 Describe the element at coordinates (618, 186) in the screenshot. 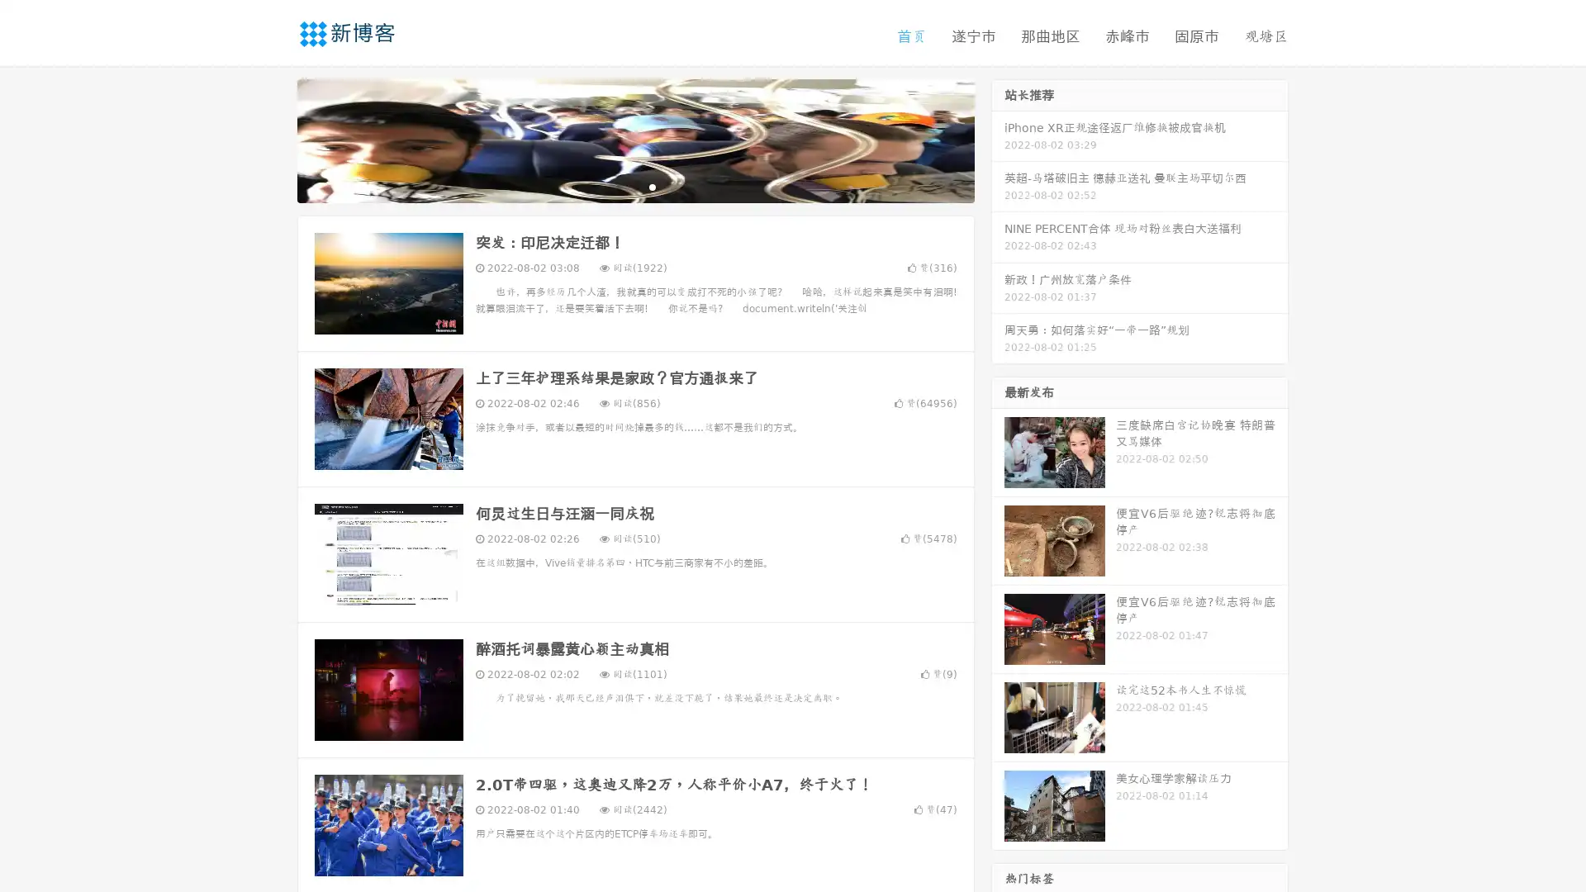

I see `Go to slide 1` at that location.